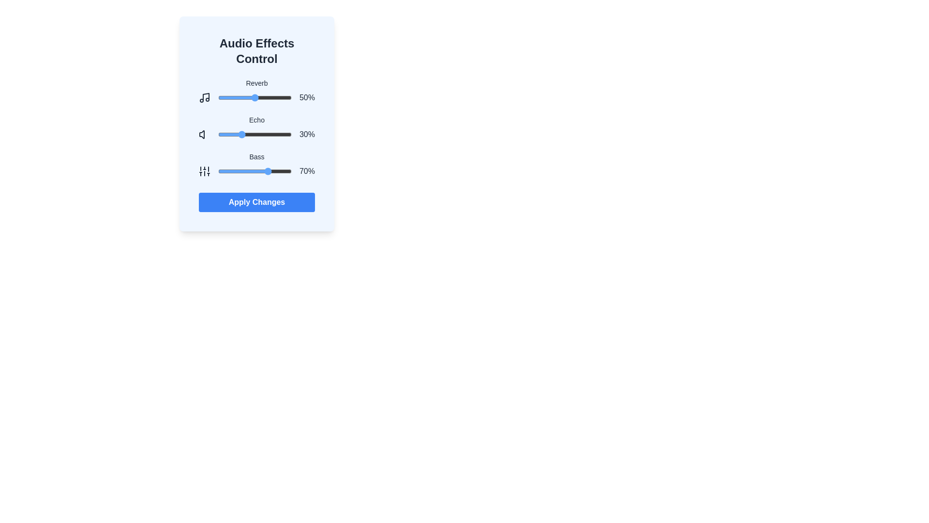  What do you see at coordinates (222, 134) in the screenshot?
I see `the Echo level` at bounding box center [222, 134].